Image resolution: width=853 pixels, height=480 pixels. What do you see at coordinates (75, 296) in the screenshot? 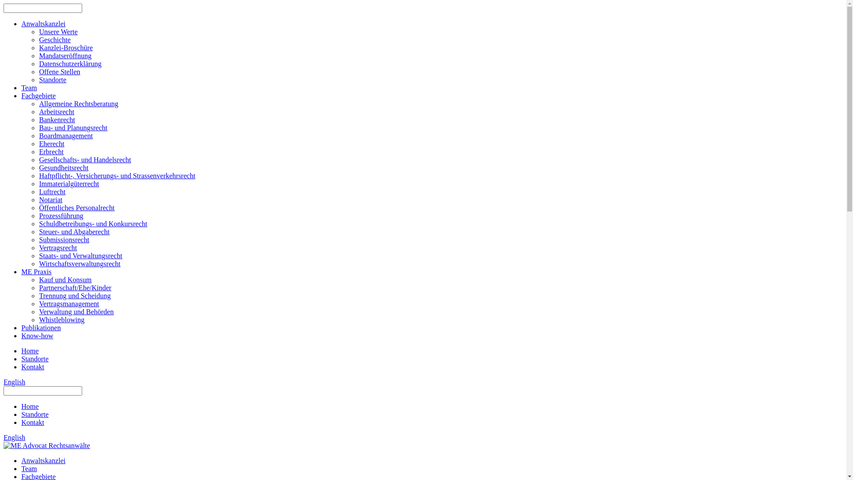
I see `'Trennung und Scheidung'` at bounding box center [75, 296].